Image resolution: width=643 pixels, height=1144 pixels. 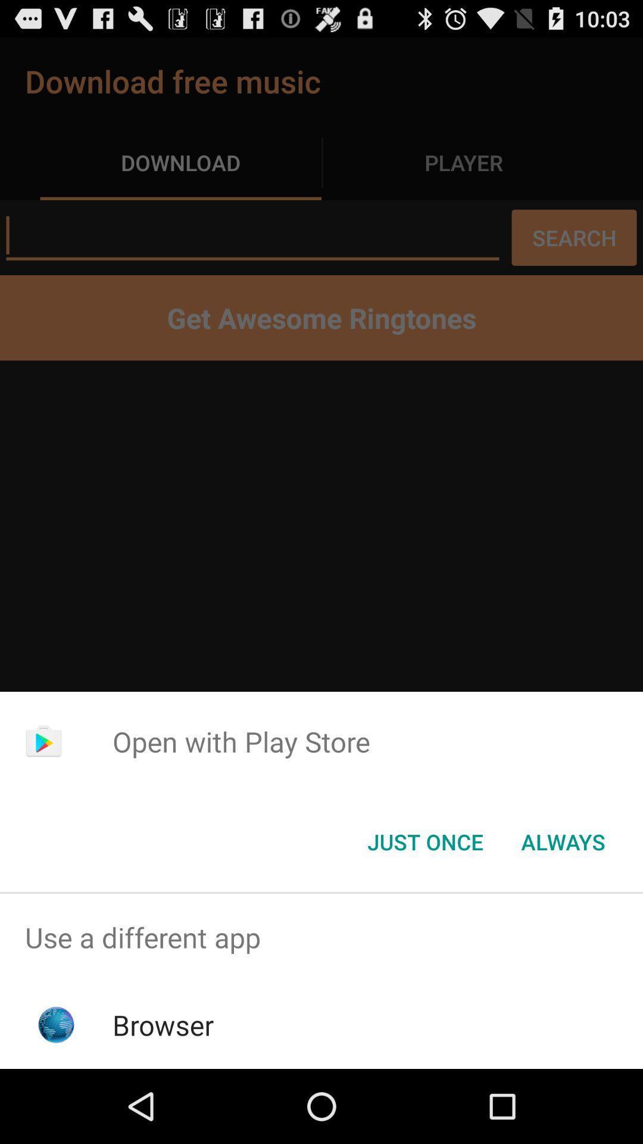 I want to click on just once item, so click(x=424, y=841).